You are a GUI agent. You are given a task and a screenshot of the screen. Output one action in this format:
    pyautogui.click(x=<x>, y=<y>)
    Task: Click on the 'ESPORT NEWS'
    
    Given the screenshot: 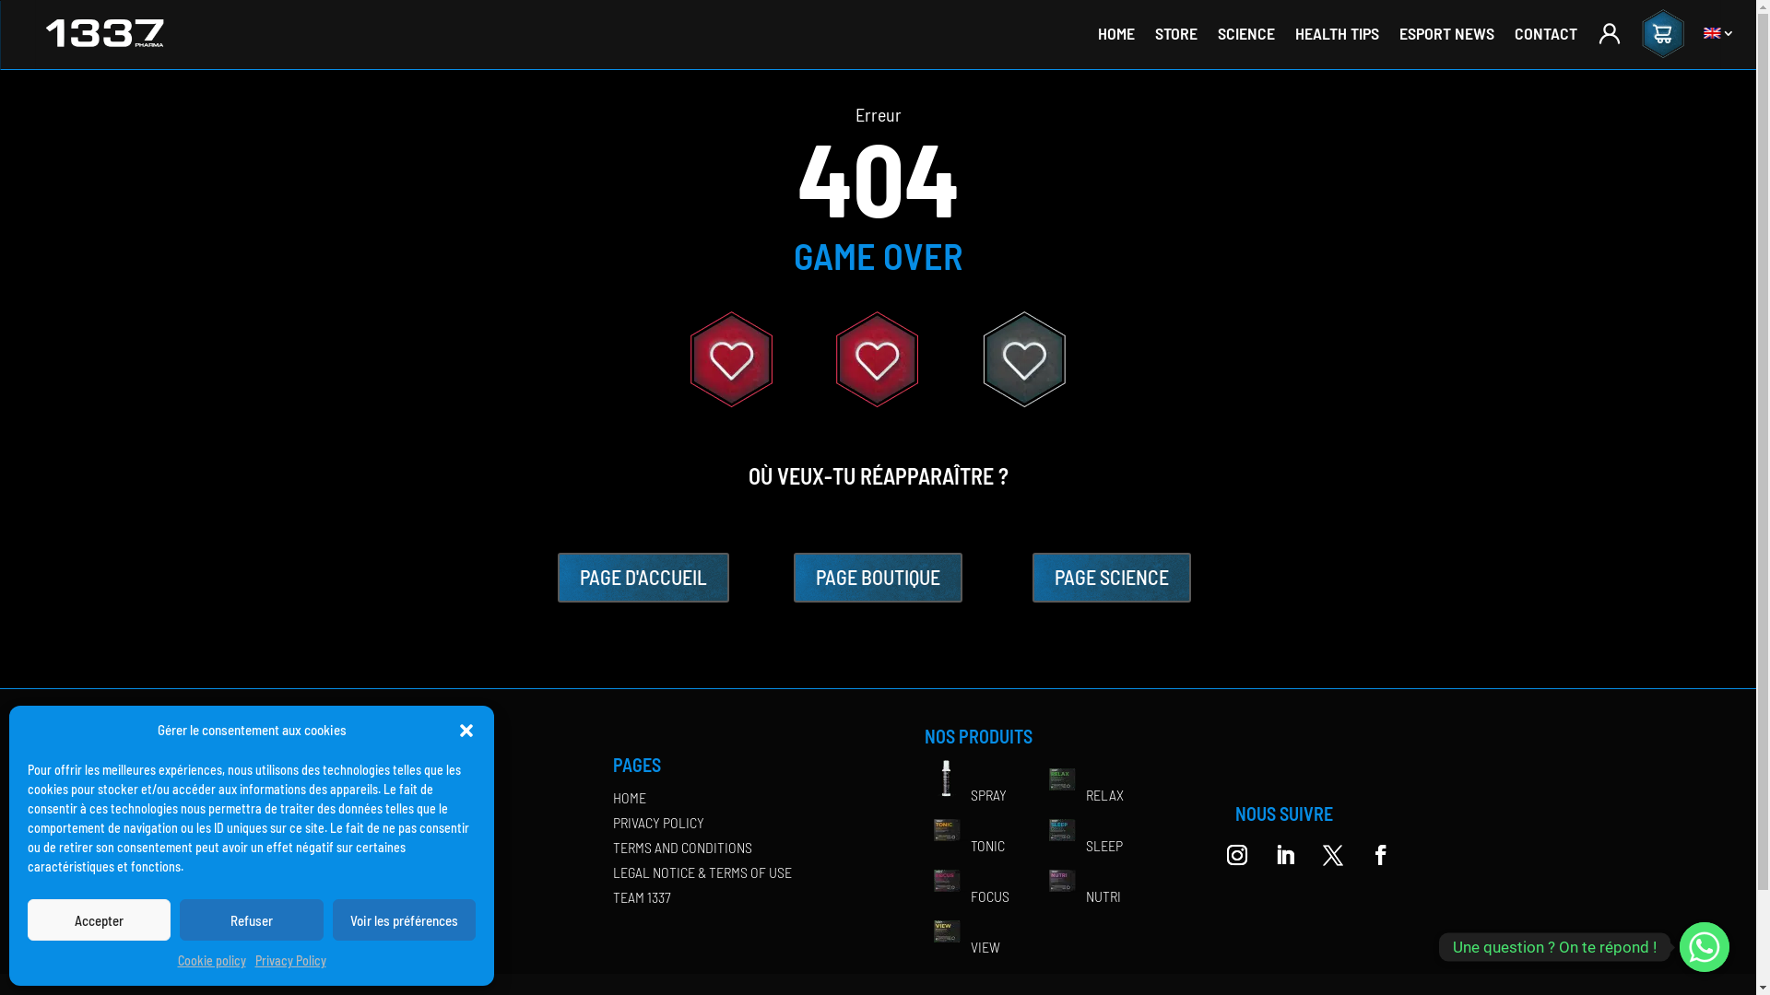 What is the action you would take?
    pyautogui.click(x=1445, y=33)
    